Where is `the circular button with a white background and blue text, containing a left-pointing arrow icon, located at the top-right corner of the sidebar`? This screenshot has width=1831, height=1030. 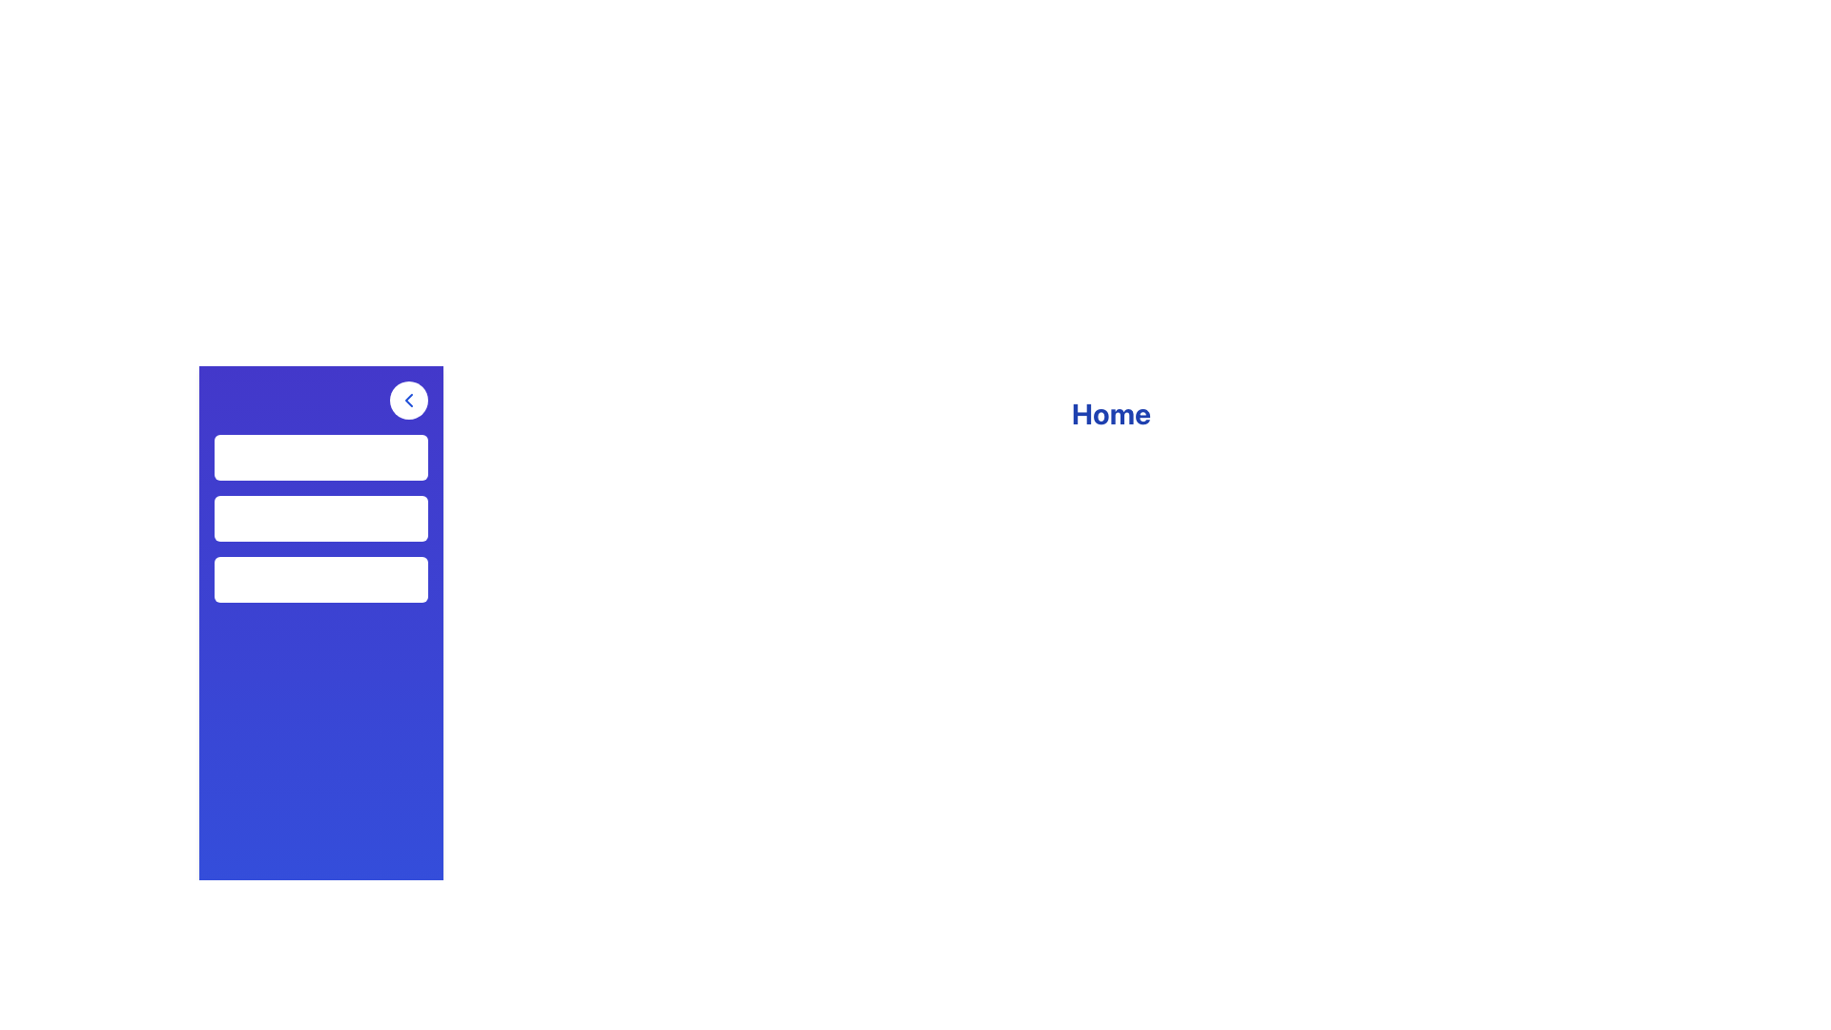 the circular button with a white background and blue text, containing a left-pointing arrow icon, located at the top-right corner of the sidebar is located at coordinates (407, 400).